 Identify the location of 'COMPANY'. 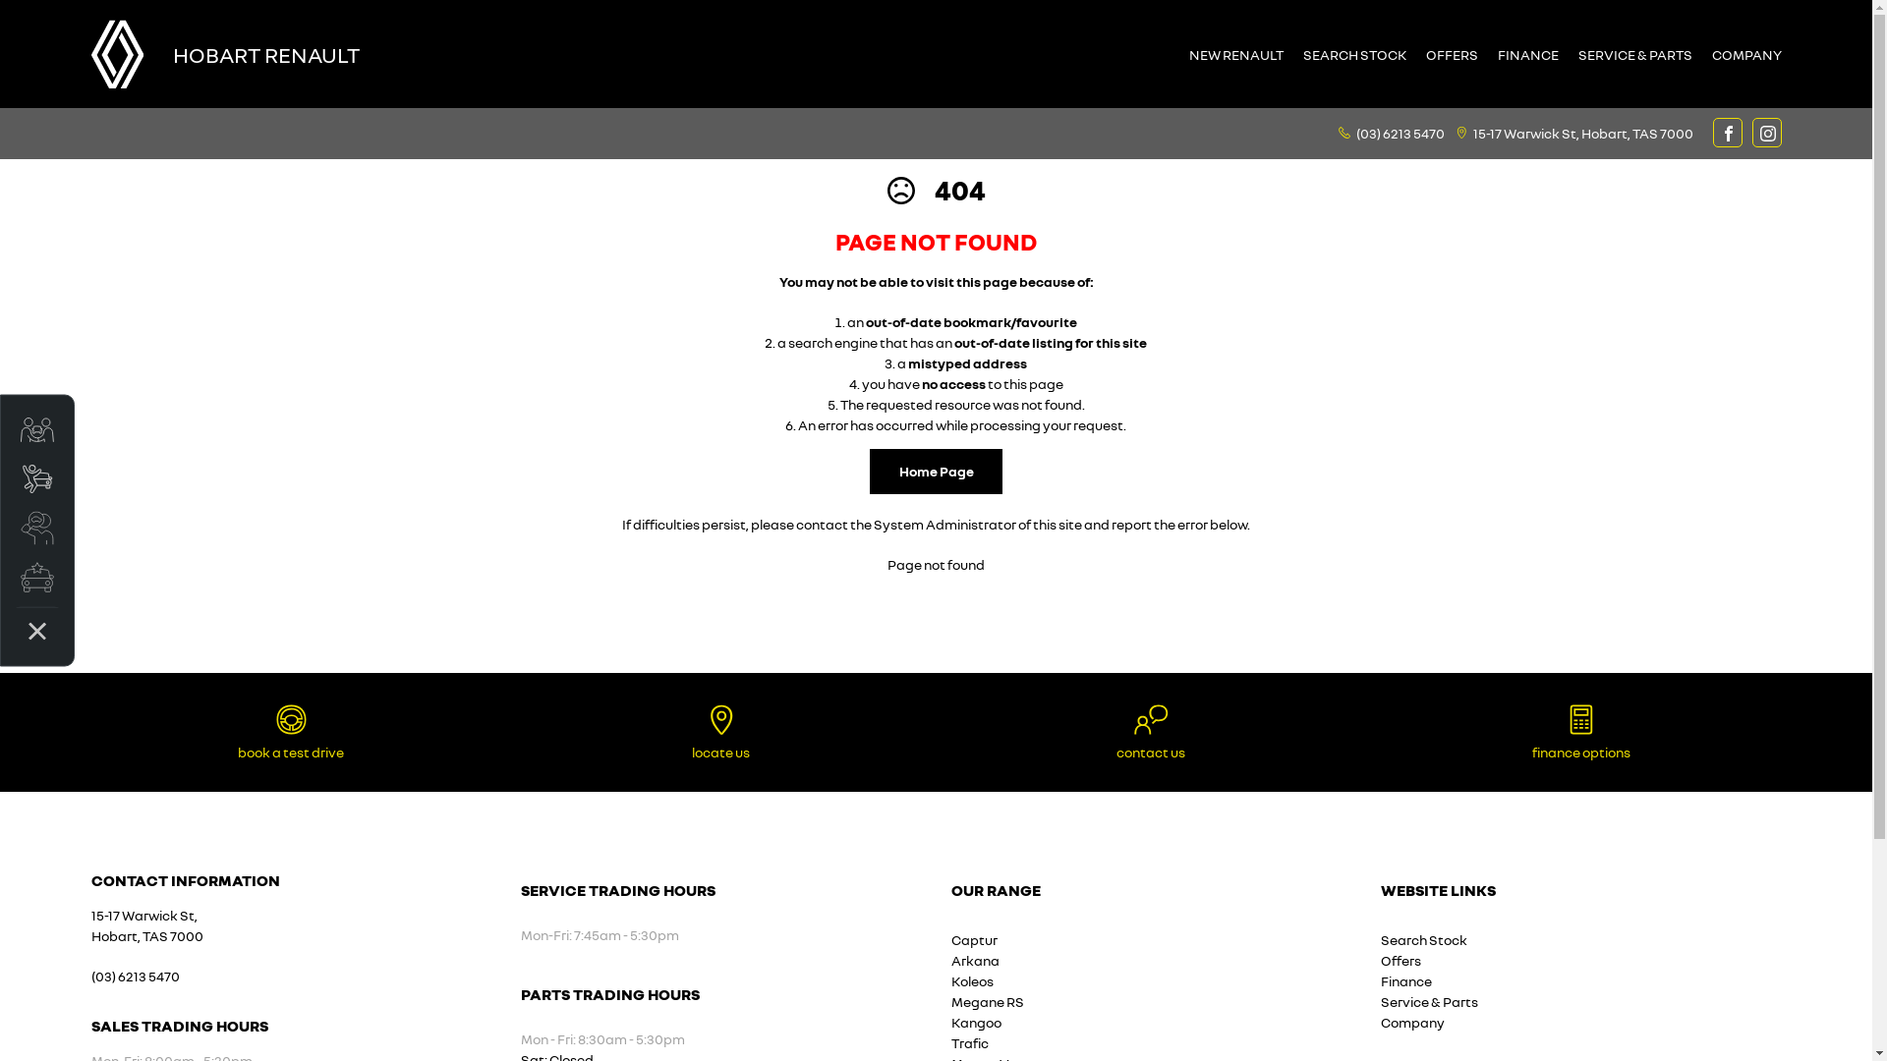
(1701, 53).